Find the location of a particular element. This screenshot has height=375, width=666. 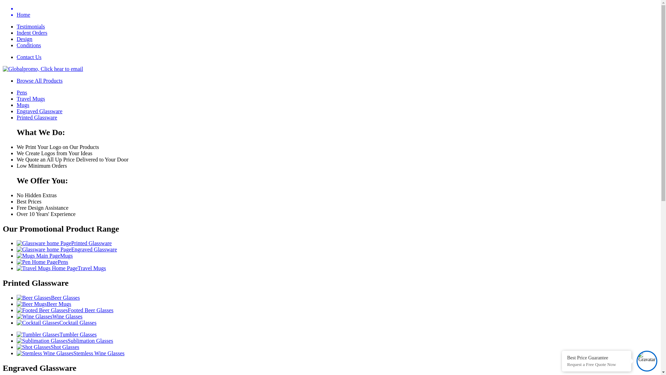

'Testimonials' is located at coordinates (31, 26).